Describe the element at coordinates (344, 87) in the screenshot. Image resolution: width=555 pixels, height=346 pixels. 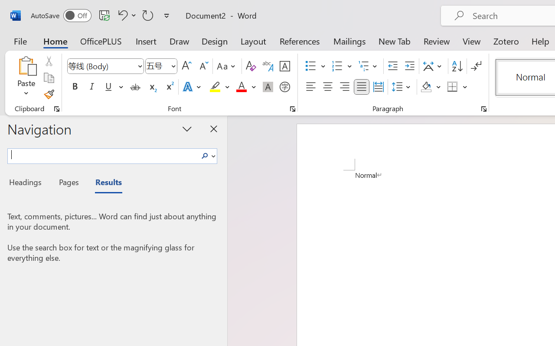
I see `'Align Right'` at that location.